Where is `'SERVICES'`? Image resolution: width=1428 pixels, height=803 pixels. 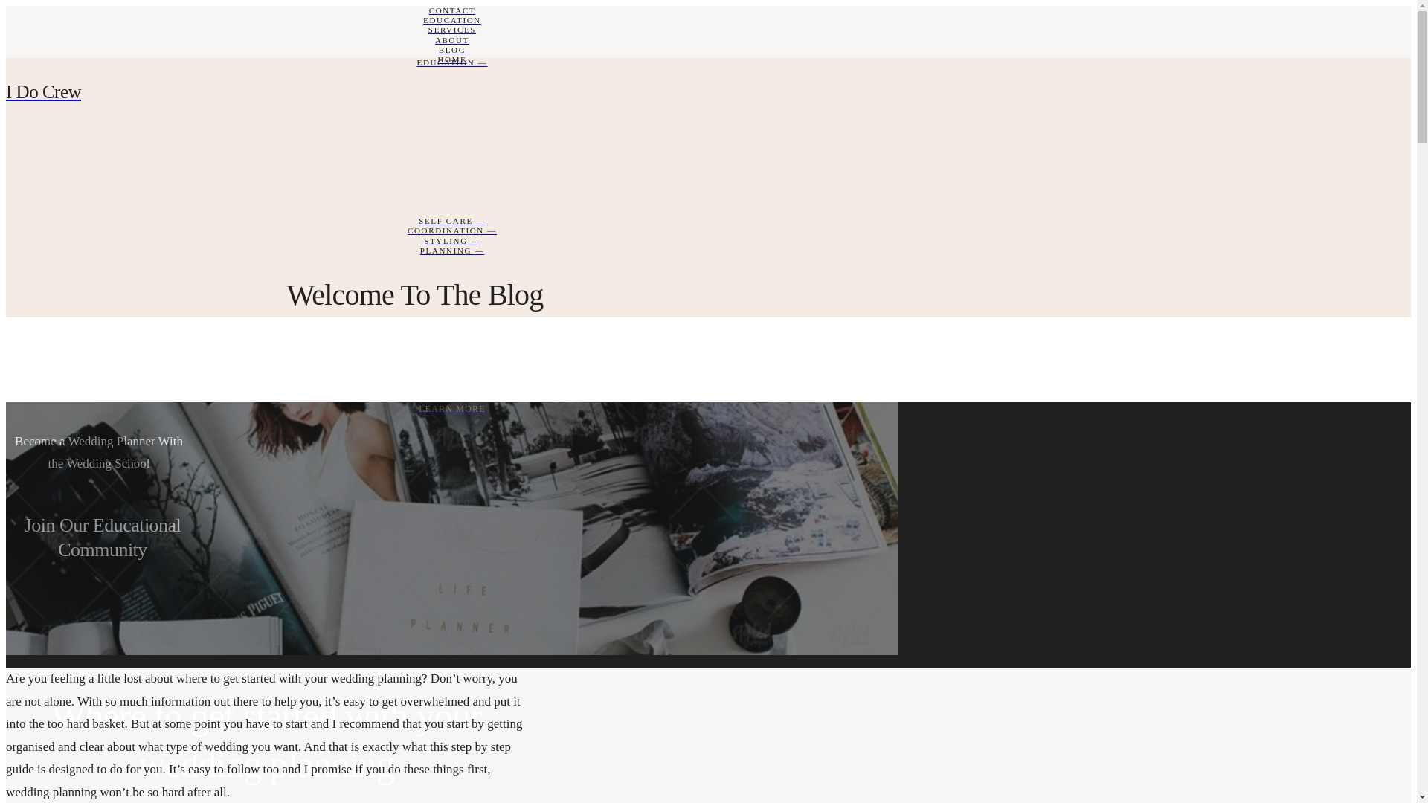 'SERVICES' is located at coordinates (451, 30).